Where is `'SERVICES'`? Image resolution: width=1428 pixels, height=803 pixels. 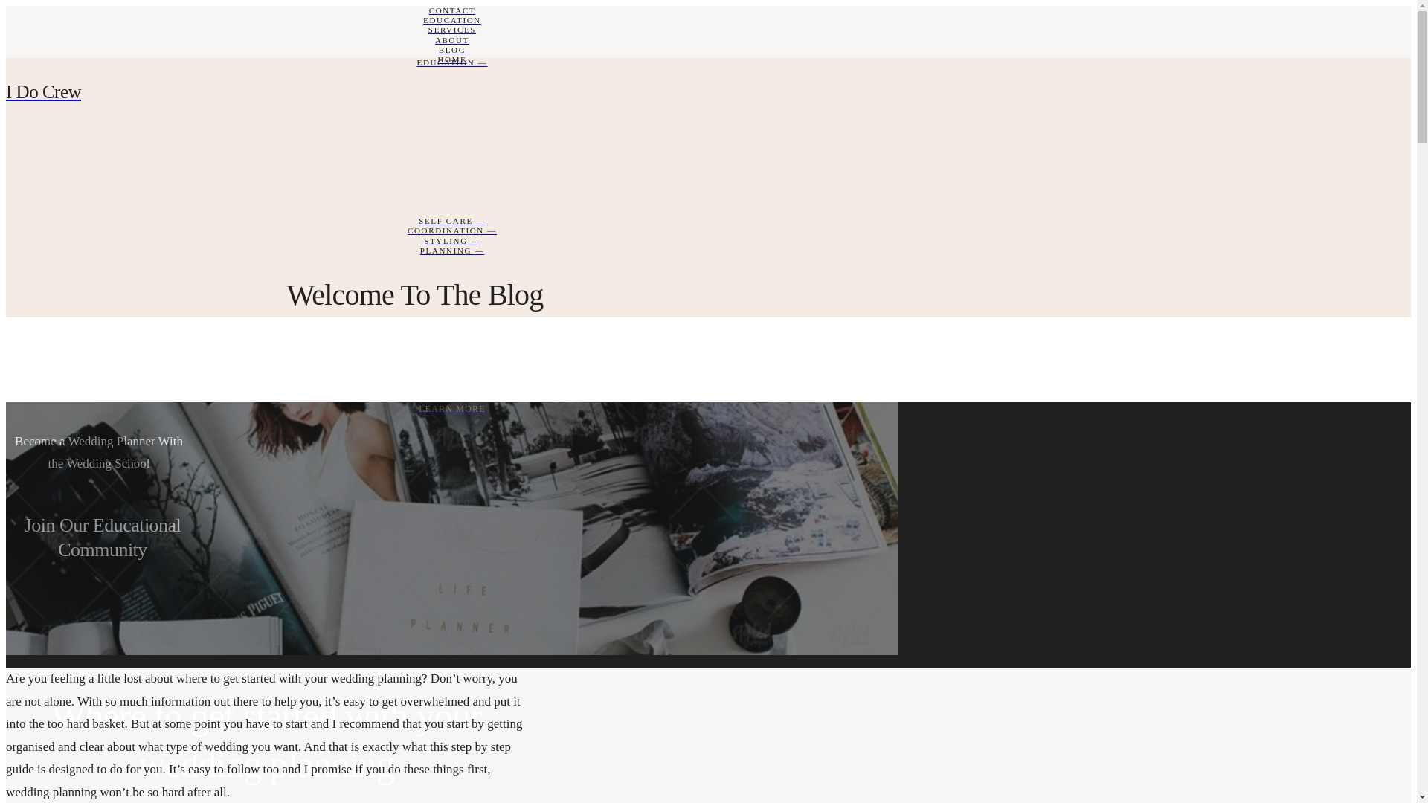 'SERVICES' is located at coordinates (451, 30).